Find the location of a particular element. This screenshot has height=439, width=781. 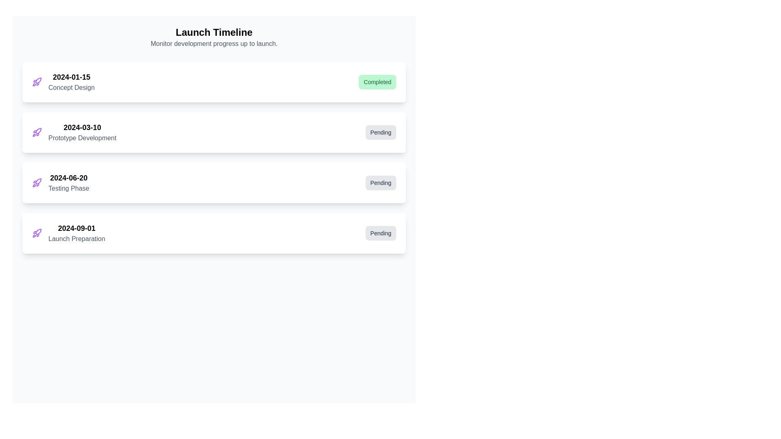

the status badge of the 'Launch Preparation' timeline entry, which is labeled 'Pending' is located at coordinates (214, 233).